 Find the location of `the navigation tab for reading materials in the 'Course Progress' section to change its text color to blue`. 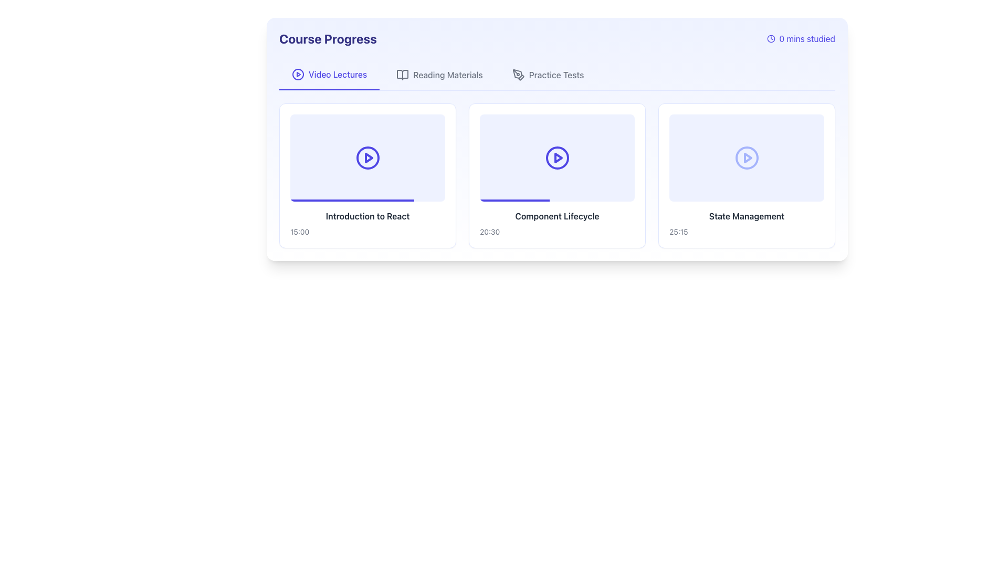

the navigation tab for reading materials in the 'Course Progress' section to change its text color to blue is located at coordinates (439, 74).